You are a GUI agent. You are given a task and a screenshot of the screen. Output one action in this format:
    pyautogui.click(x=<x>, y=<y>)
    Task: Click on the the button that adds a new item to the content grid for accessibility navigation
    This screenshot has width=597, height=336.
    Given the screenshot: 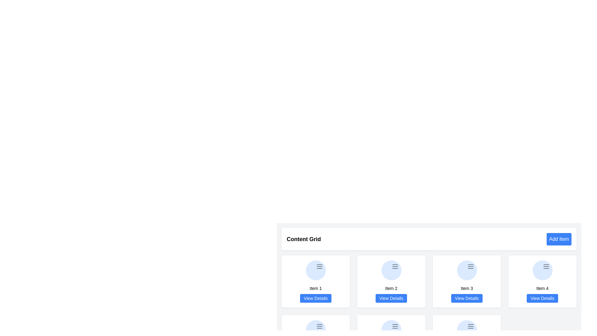 What is the action you would take?
    pyautogui.click(x=559, y=239)
    